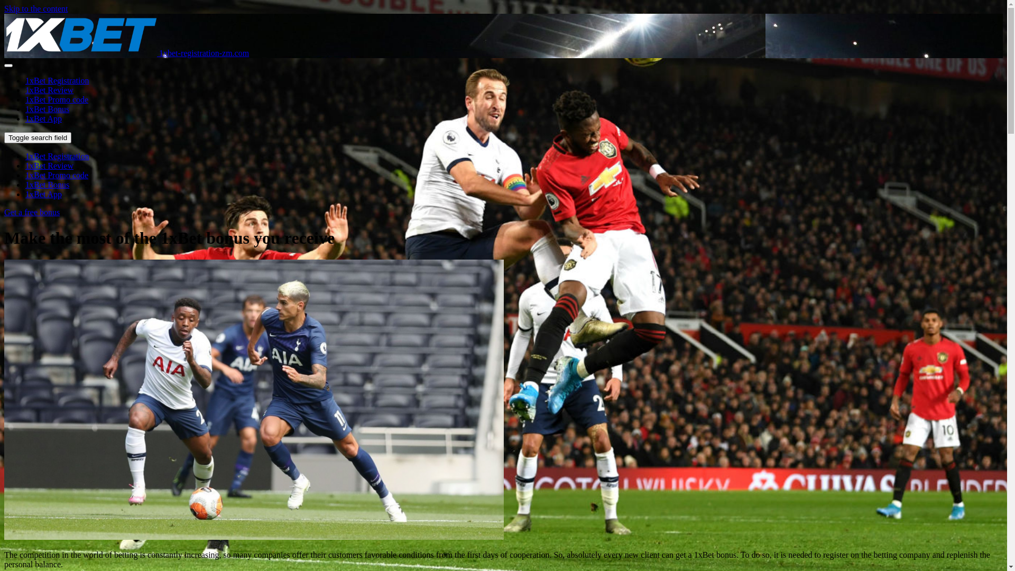 The width and height of the screenshot is (1015, 571). I want to click on 'Skip to the content', so click(35, 8).